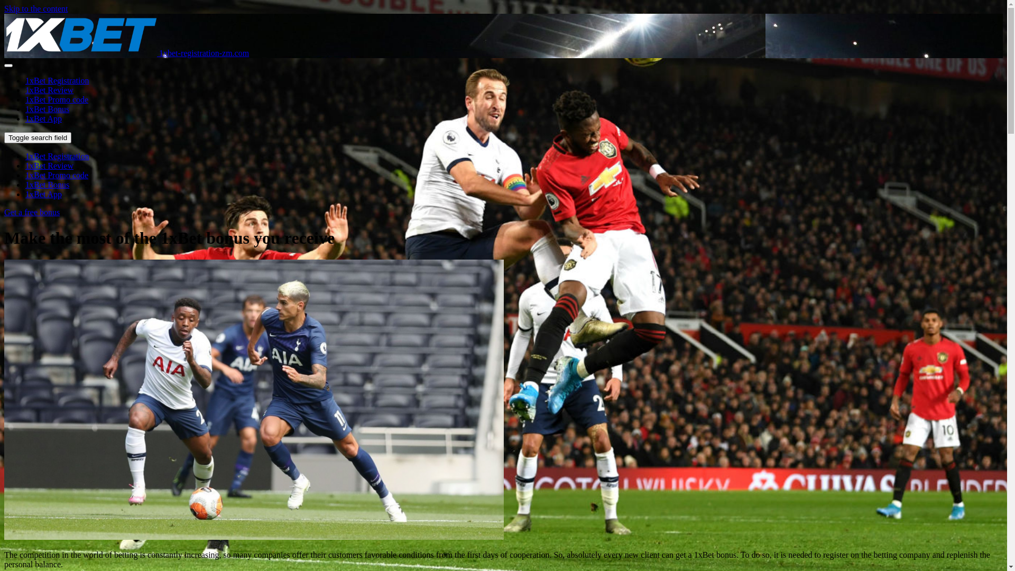 The width and height of the screenshot is (1015, 571). I want to click on 'Skip to the content', so click(35, 8).